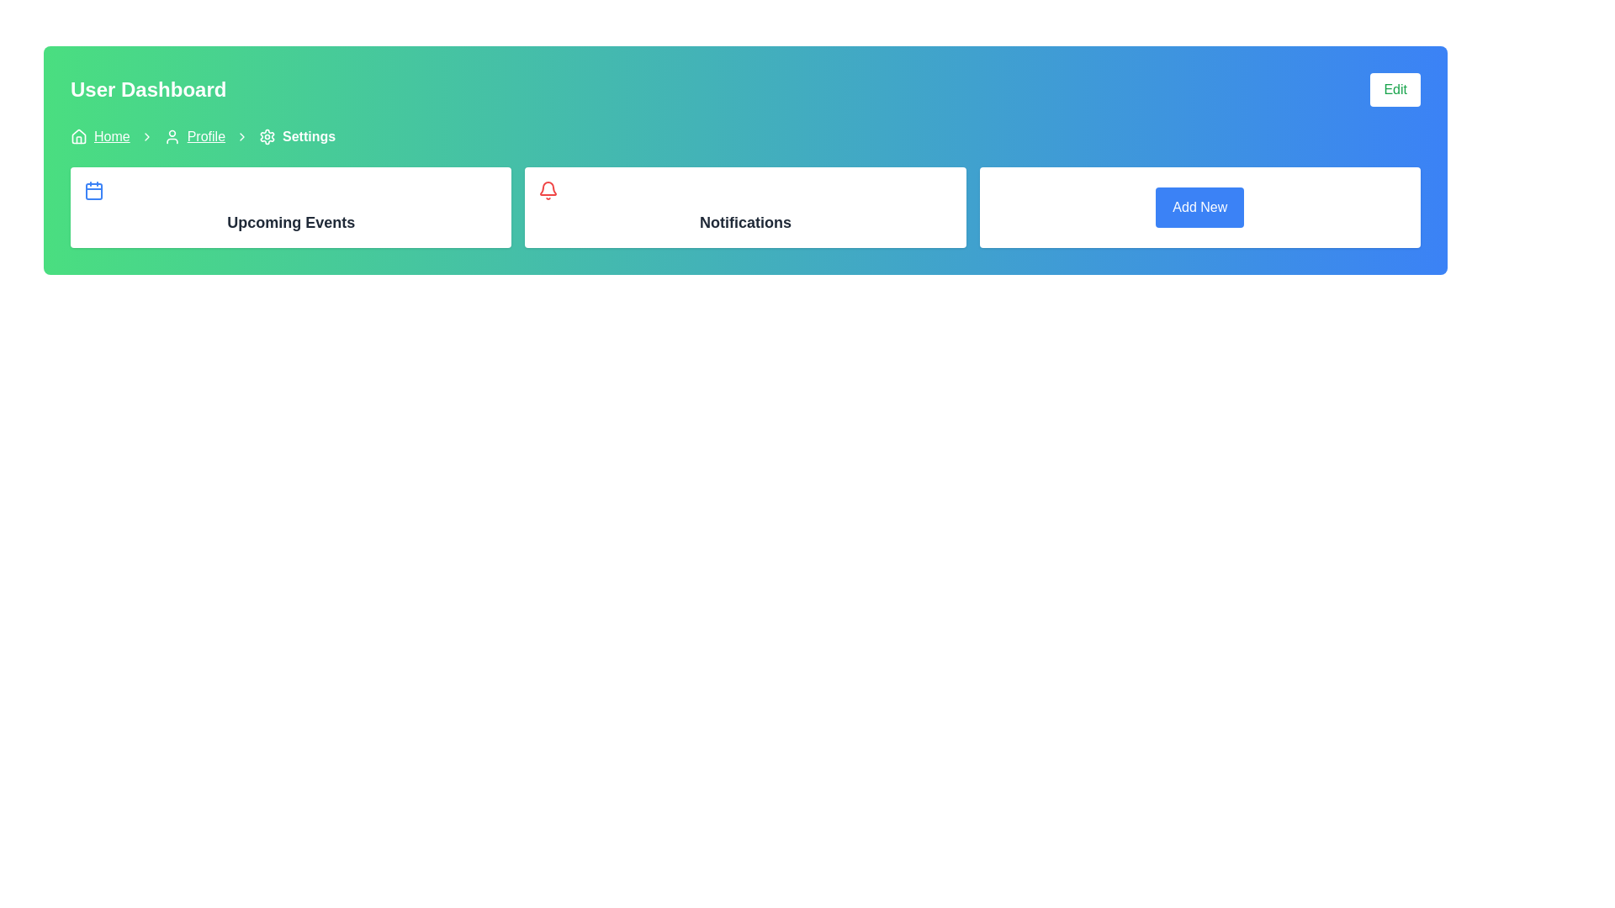 Image resolution: width=1615 pixels, height=908 pixels. Describe the element at coordinates (78, 135) in the screenshot. I see `the 'Home' icon located in the navigation bar` at that location.